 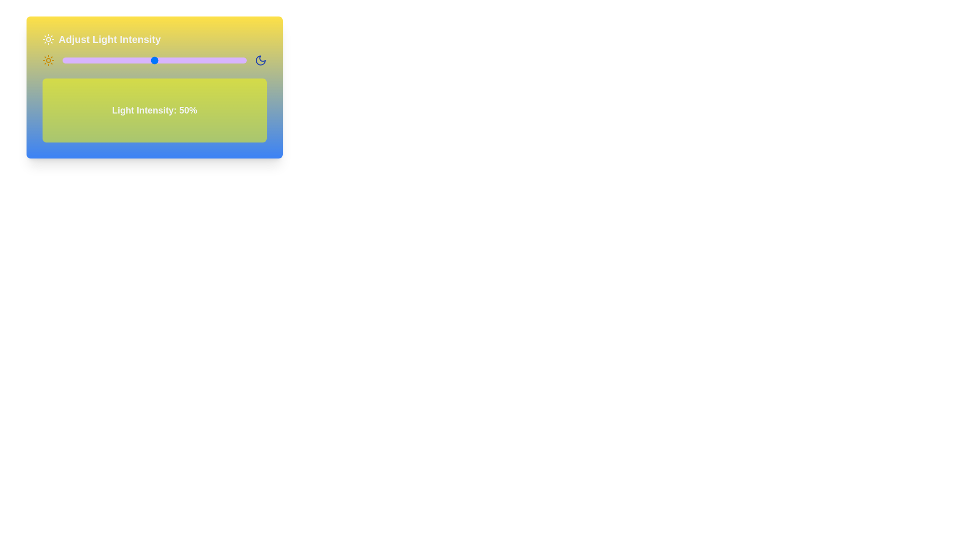 I want to click on the light intensity slider to 67% to observe the corresponding background changes, so click(x=186, y=60).